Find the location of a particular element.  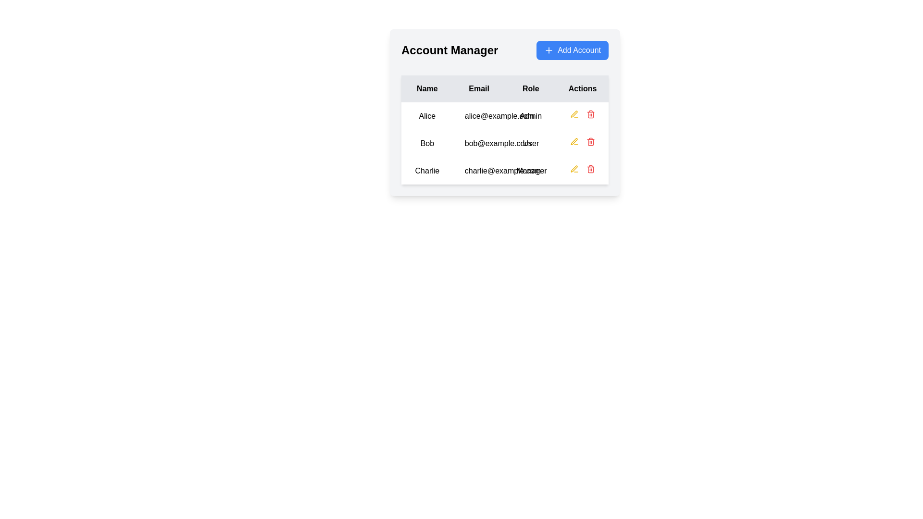

text label displaying 'bob@example.com' located in the 'Email' column of the table, aligned with the row containing 'Bob' under the 'Name' column is located at coordinates (479, 143).